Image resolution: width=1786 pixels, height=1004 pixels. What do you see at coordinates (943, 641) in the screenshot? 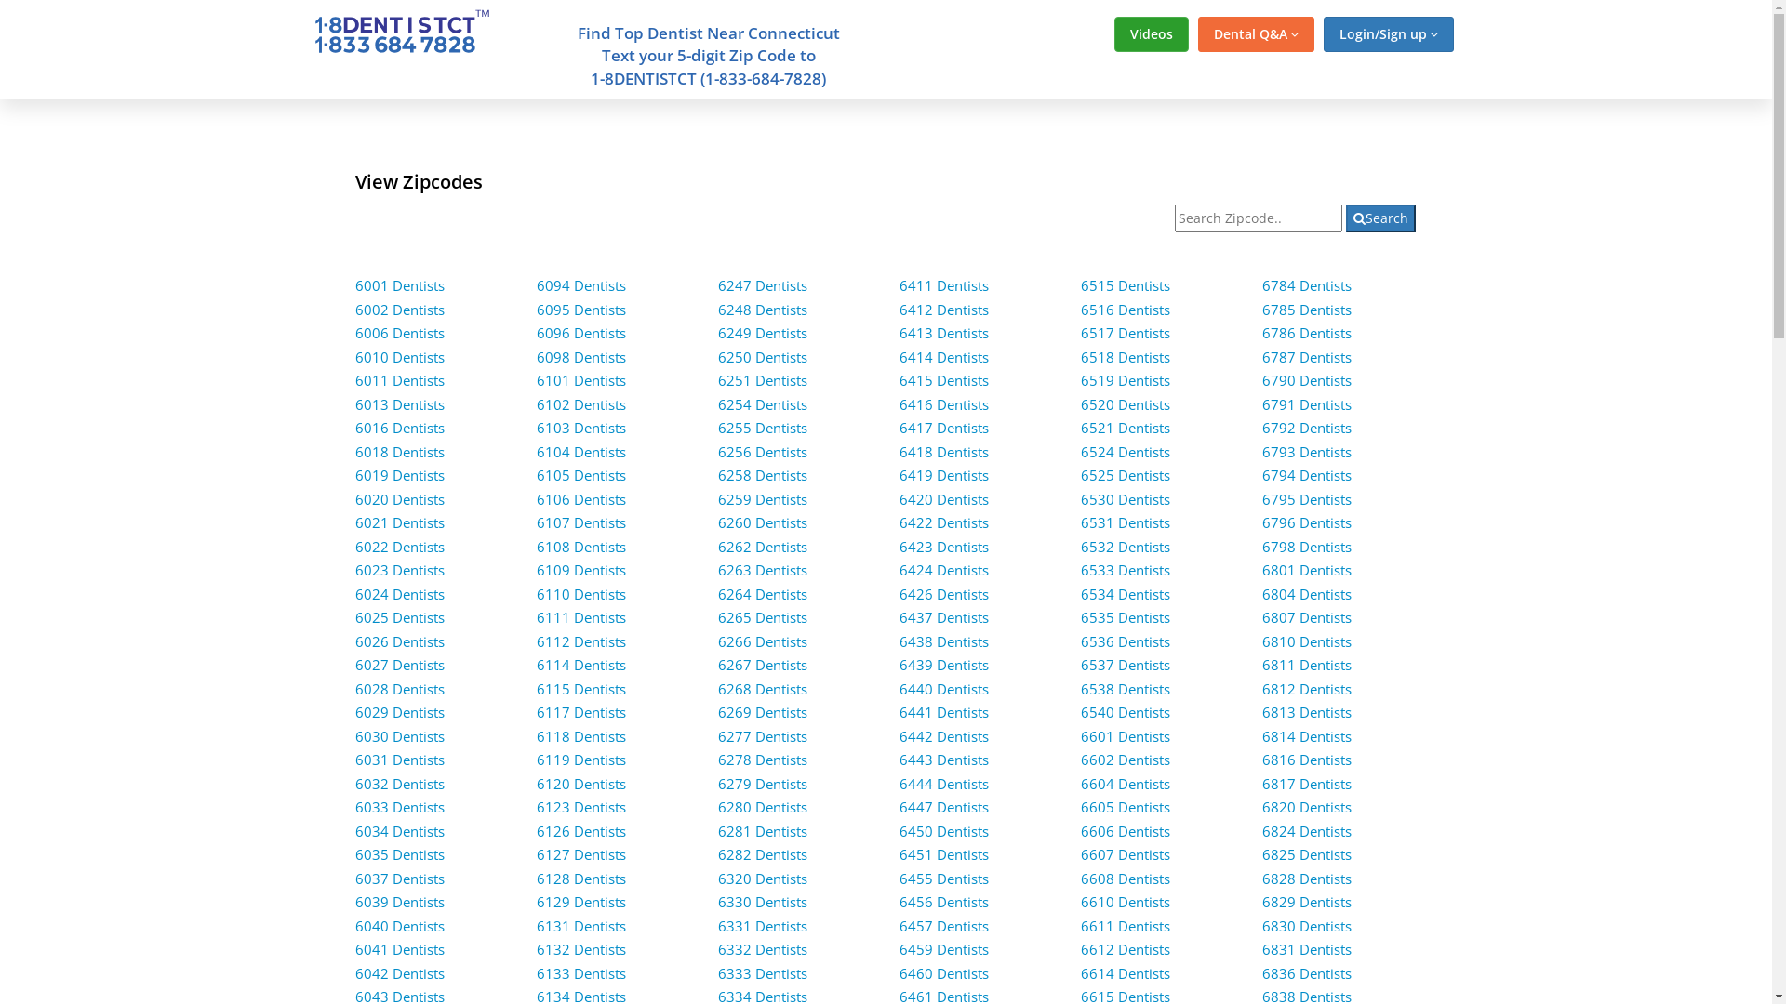
I see `'6438 Dentists'` at bounding box center [943, 641].